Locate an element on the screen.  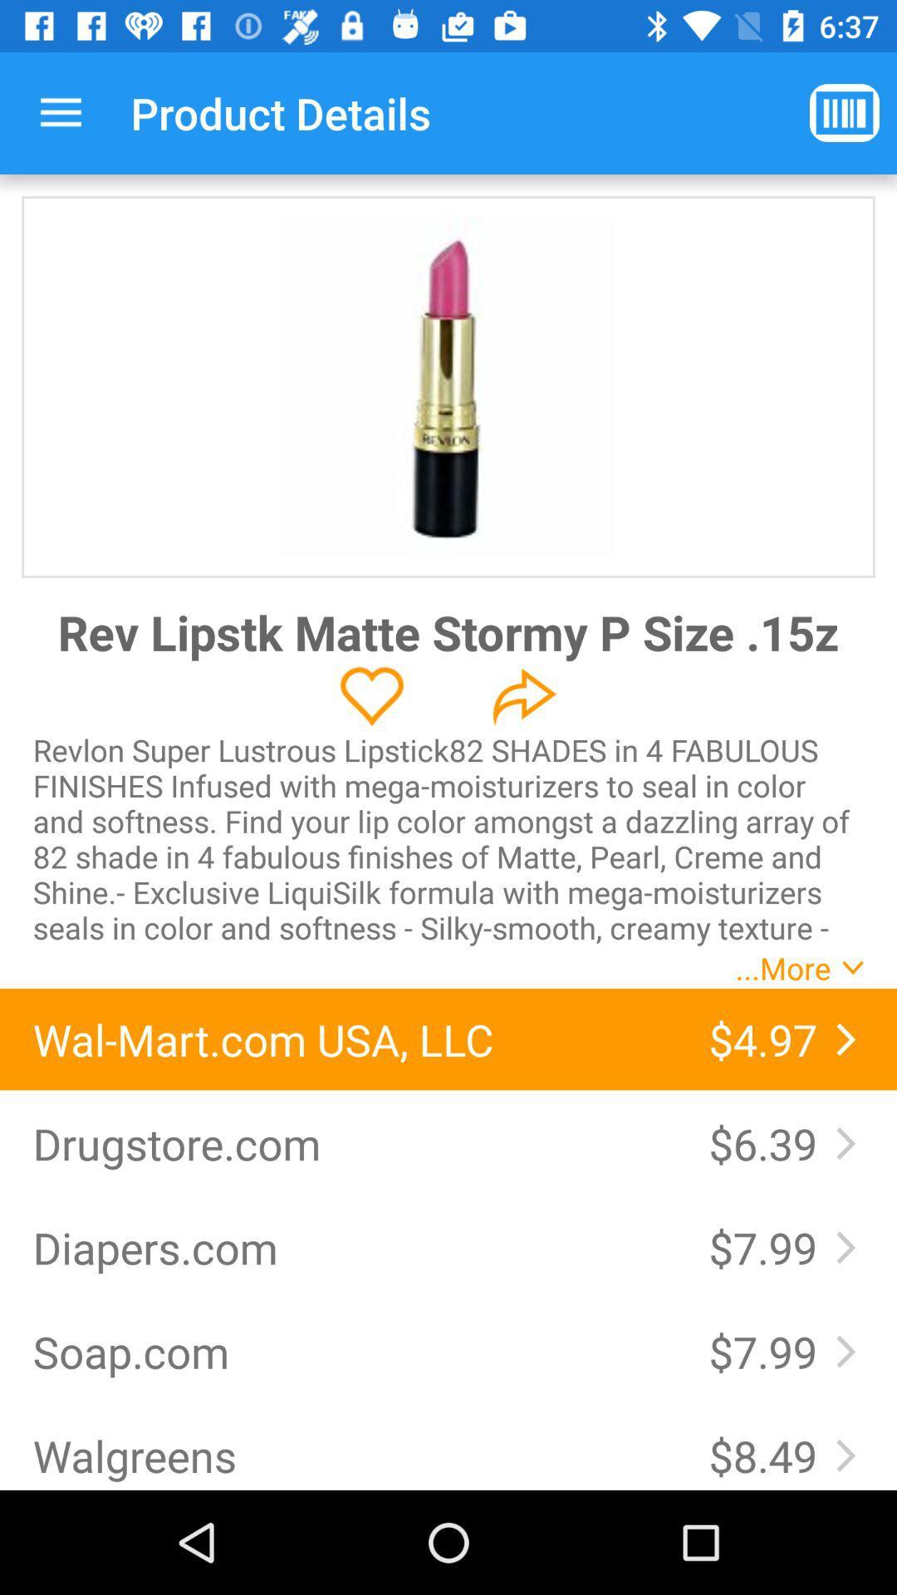
item to the right of the drugstore.com is located at coordinates (768, 1142).